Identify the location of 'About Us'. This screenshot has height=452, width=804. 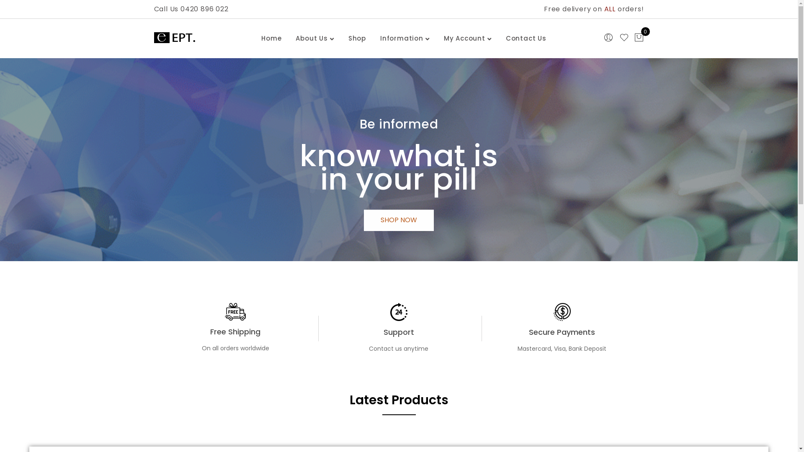
(311, 39).